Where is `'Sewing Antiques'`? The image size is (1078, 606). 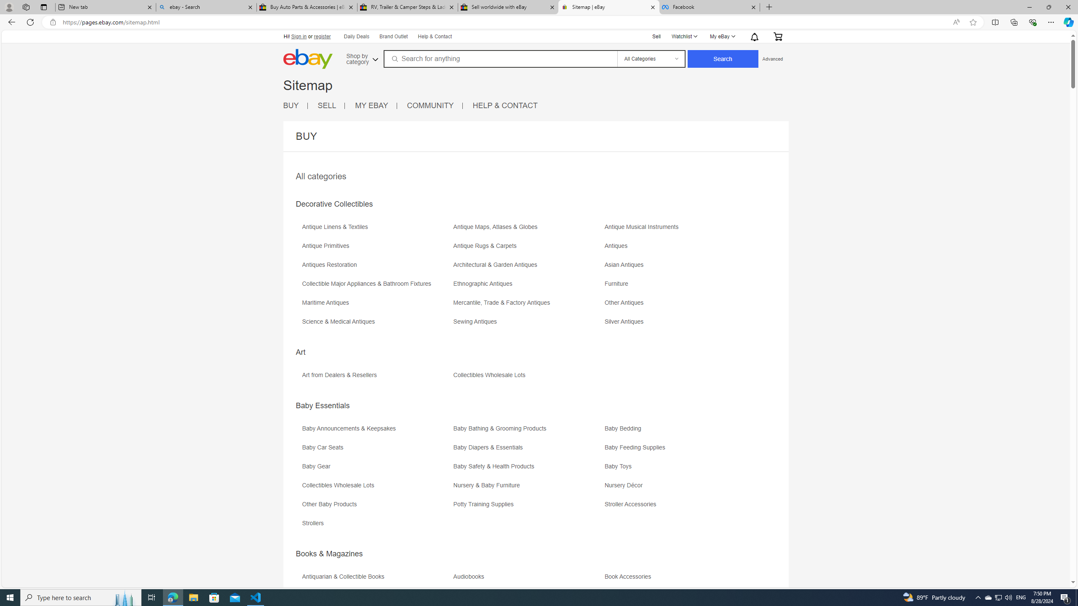 'Sewing Antiques' is located at coordinates (527, 324).